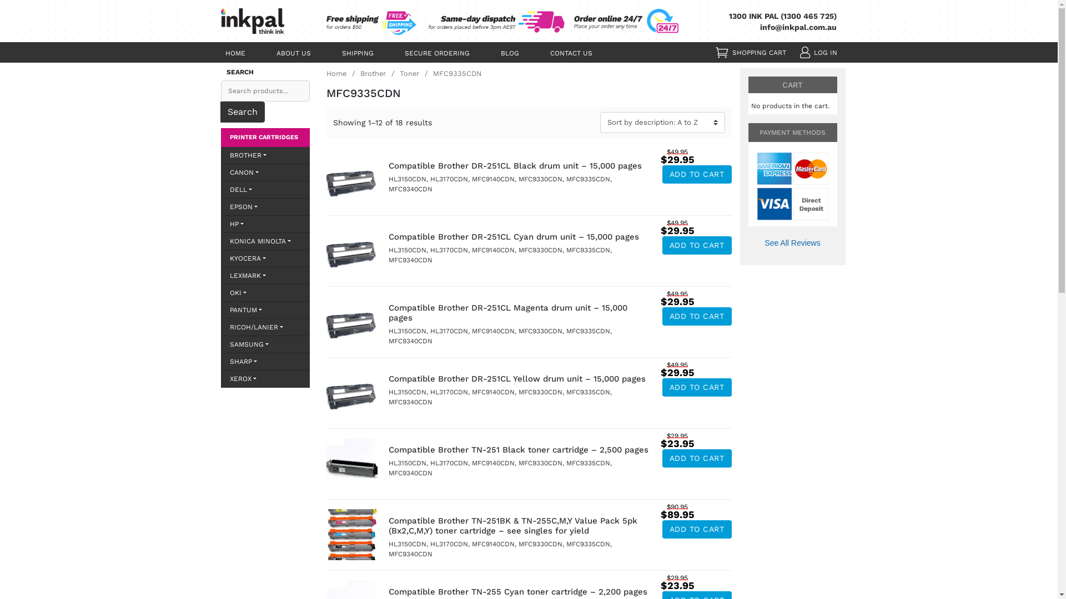 The height and width of the screenshot is (599, 1066). Describe the element at coordinates (265, 172) in the screenshot. I see `'CANON'` at that location.